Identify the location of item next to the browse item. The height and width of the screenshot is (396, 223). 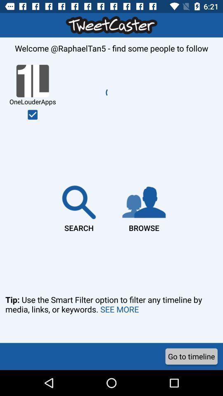
(79, 207).